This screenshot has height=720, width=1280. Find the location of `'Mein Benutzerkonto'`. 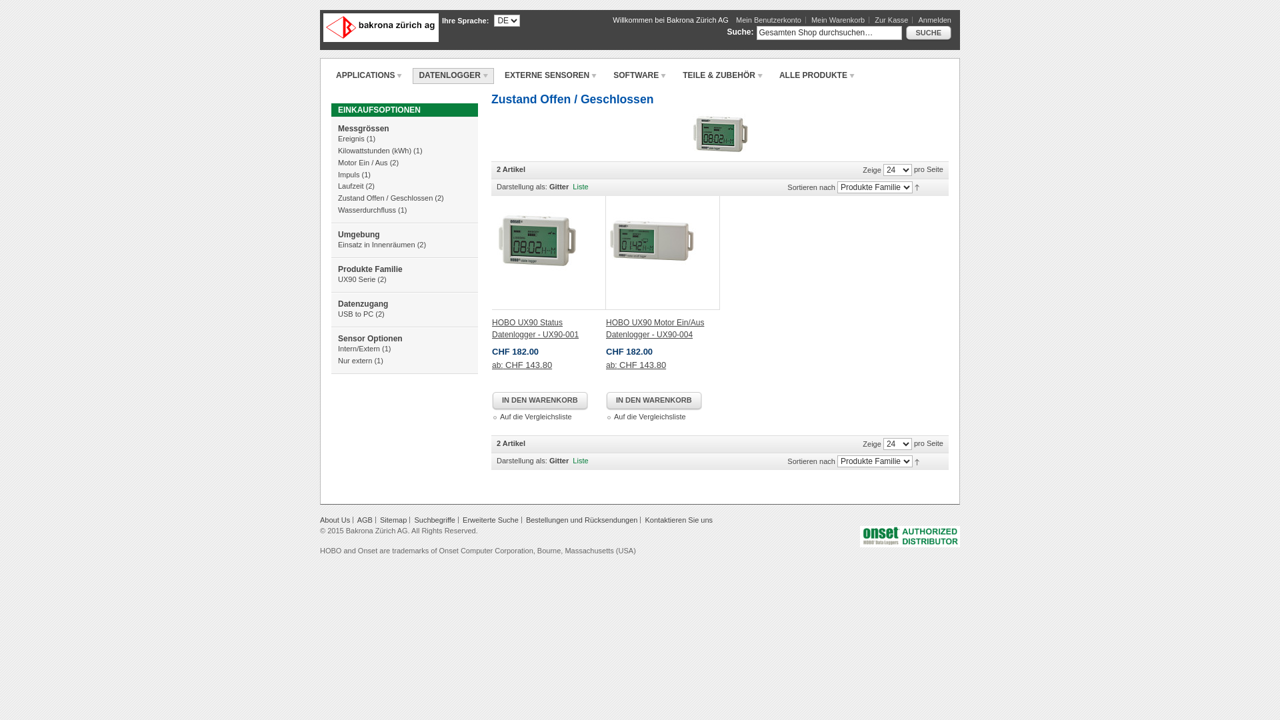

'Mein Benutzerkonto' is located at coordinates (735, 20).